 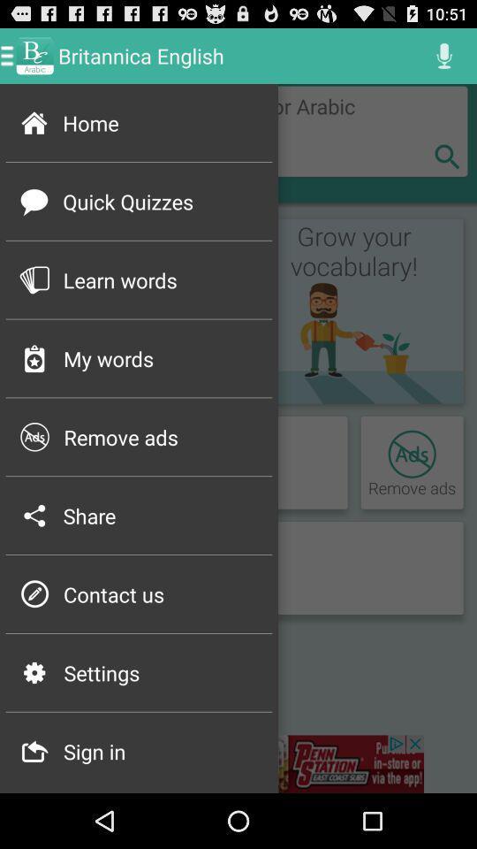 What do you see at coordinates (443, 55) in the screenshot?
I see `app next to britannica english item` at bounding box center [443, 55].